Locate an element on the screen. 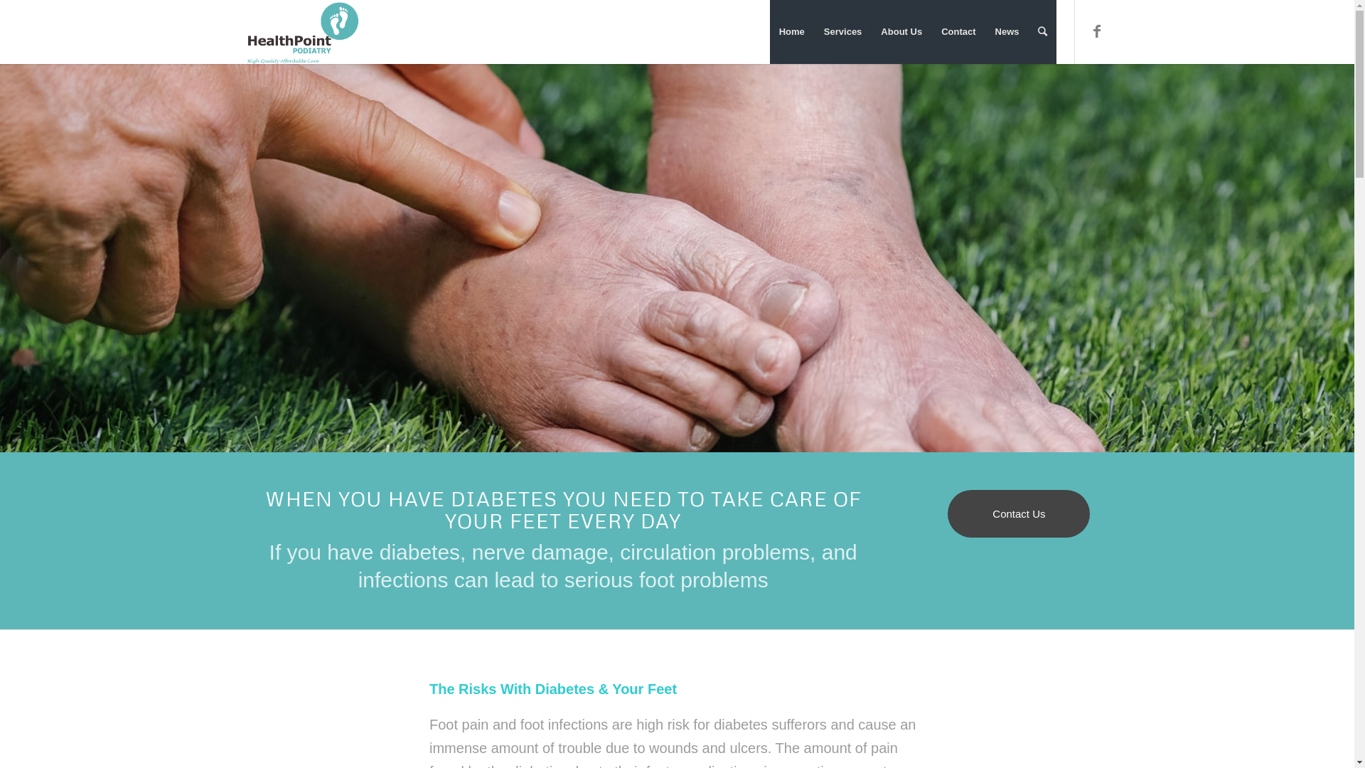  'Contact' is located at coordinates (931, 32).